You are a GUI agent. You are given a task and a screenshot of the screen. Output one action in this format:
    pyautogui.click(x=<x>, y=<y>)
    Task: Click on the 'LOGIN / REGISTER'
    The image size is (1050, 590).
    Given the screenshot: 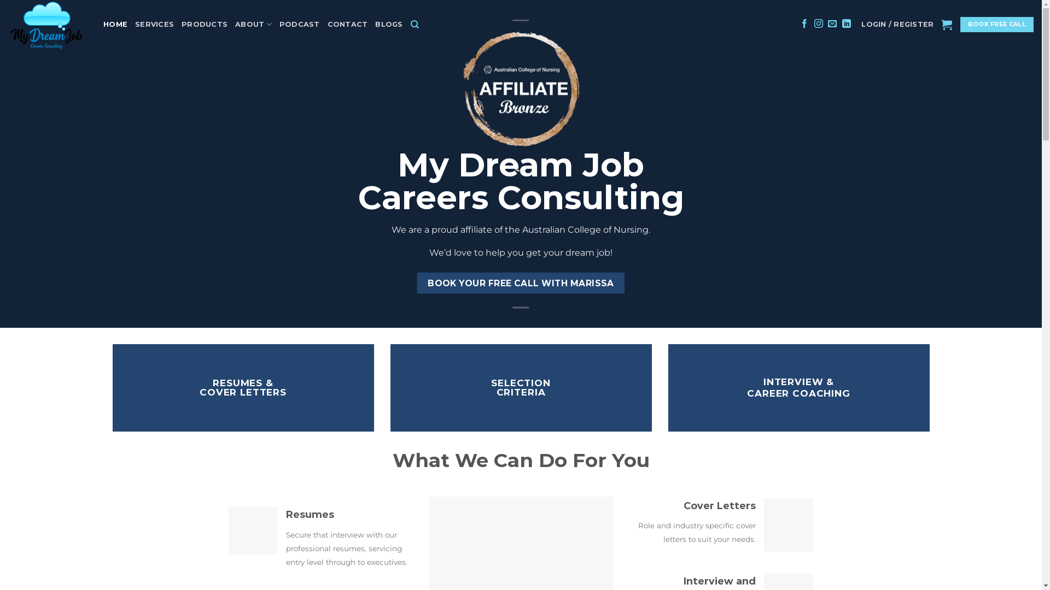 What is the action you would take?
    pyautogui.click(x=897, y=25)
    